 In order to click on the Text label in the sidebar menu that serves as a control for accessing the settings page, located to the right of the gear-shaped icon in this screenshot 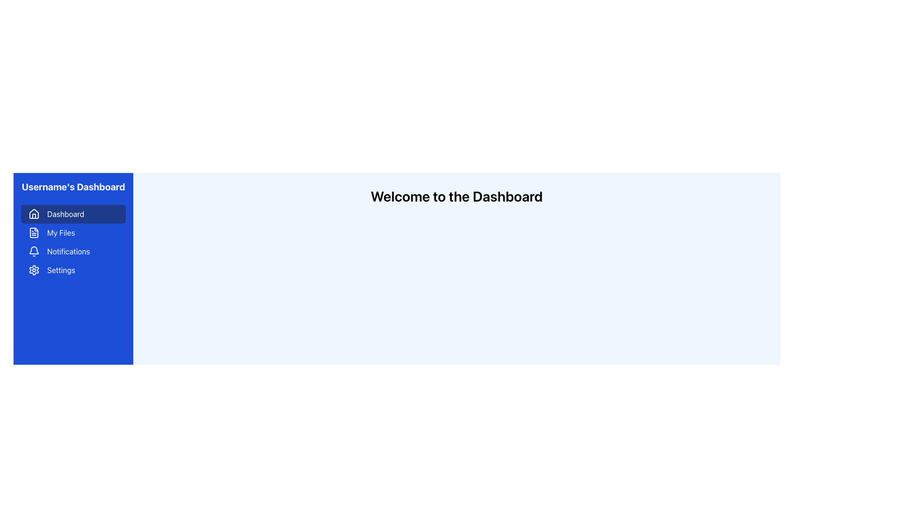, I will do `click(60, 270)`.